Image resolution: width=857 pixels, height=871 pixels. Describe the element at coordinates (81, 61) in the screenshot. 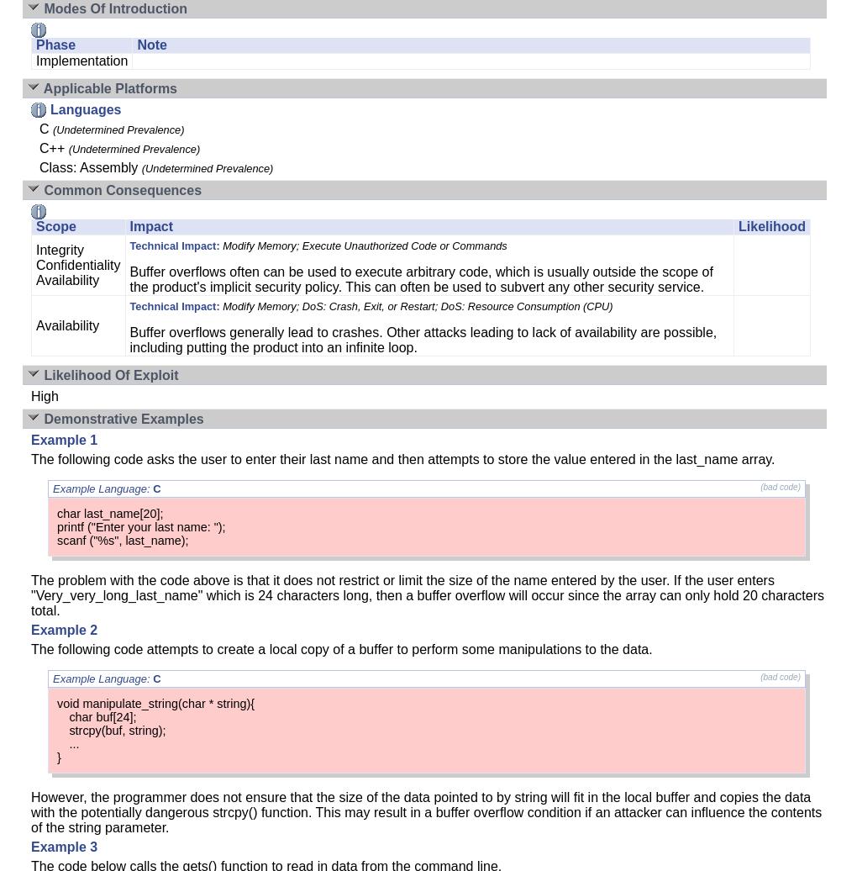

I see `'Implementation'` at that location.